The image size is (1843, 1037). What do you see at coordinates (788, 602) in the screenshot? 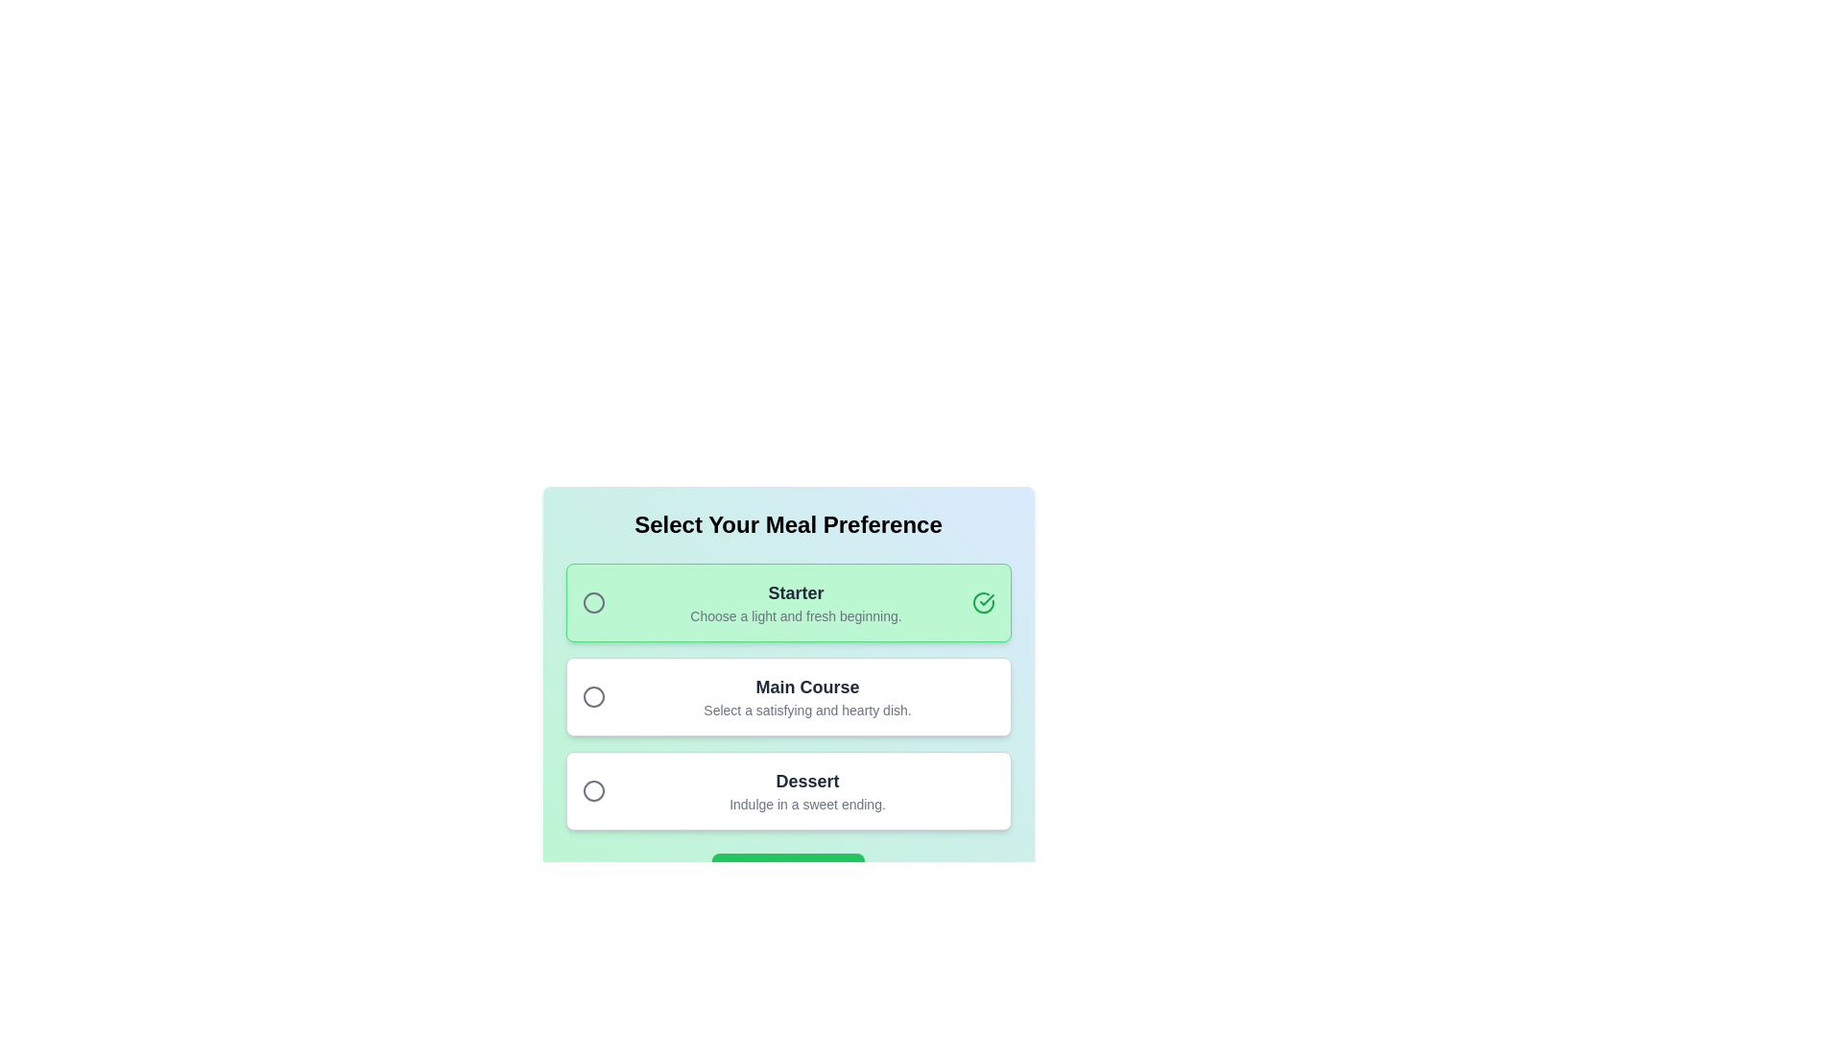
I see `the first selection card in the meal options list` at bounding box center [788, 602].